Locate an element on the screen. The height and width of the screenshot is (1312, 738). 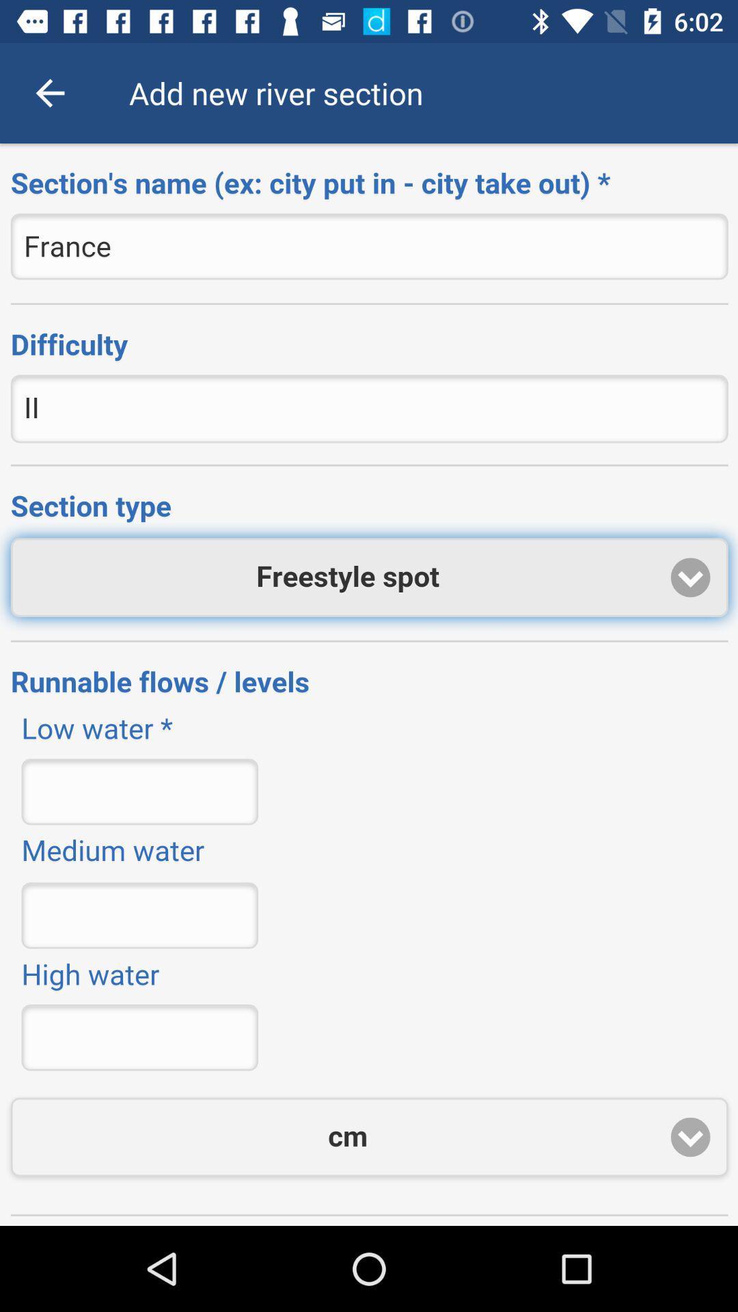
input data is located at coordinates (369, 685).